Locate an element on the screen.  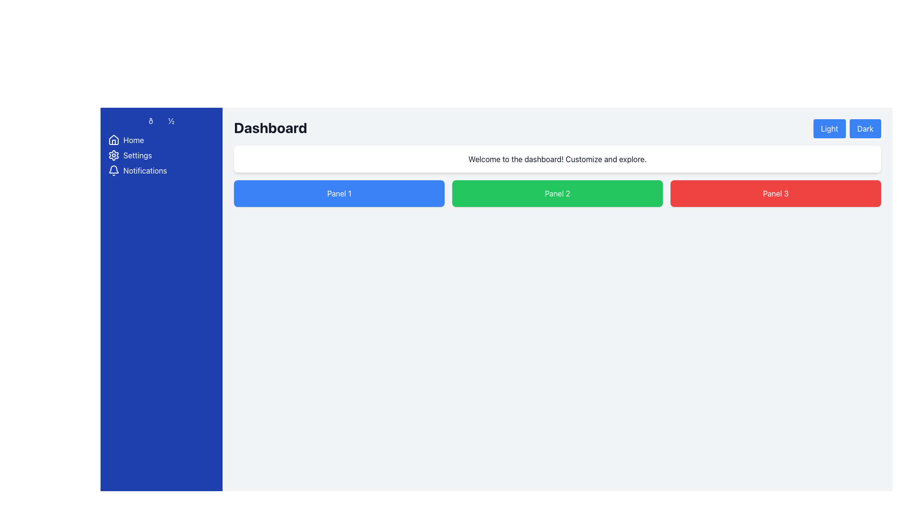
the second navigation button in the left-side blue sidebar is located at coordinates (162, 155).